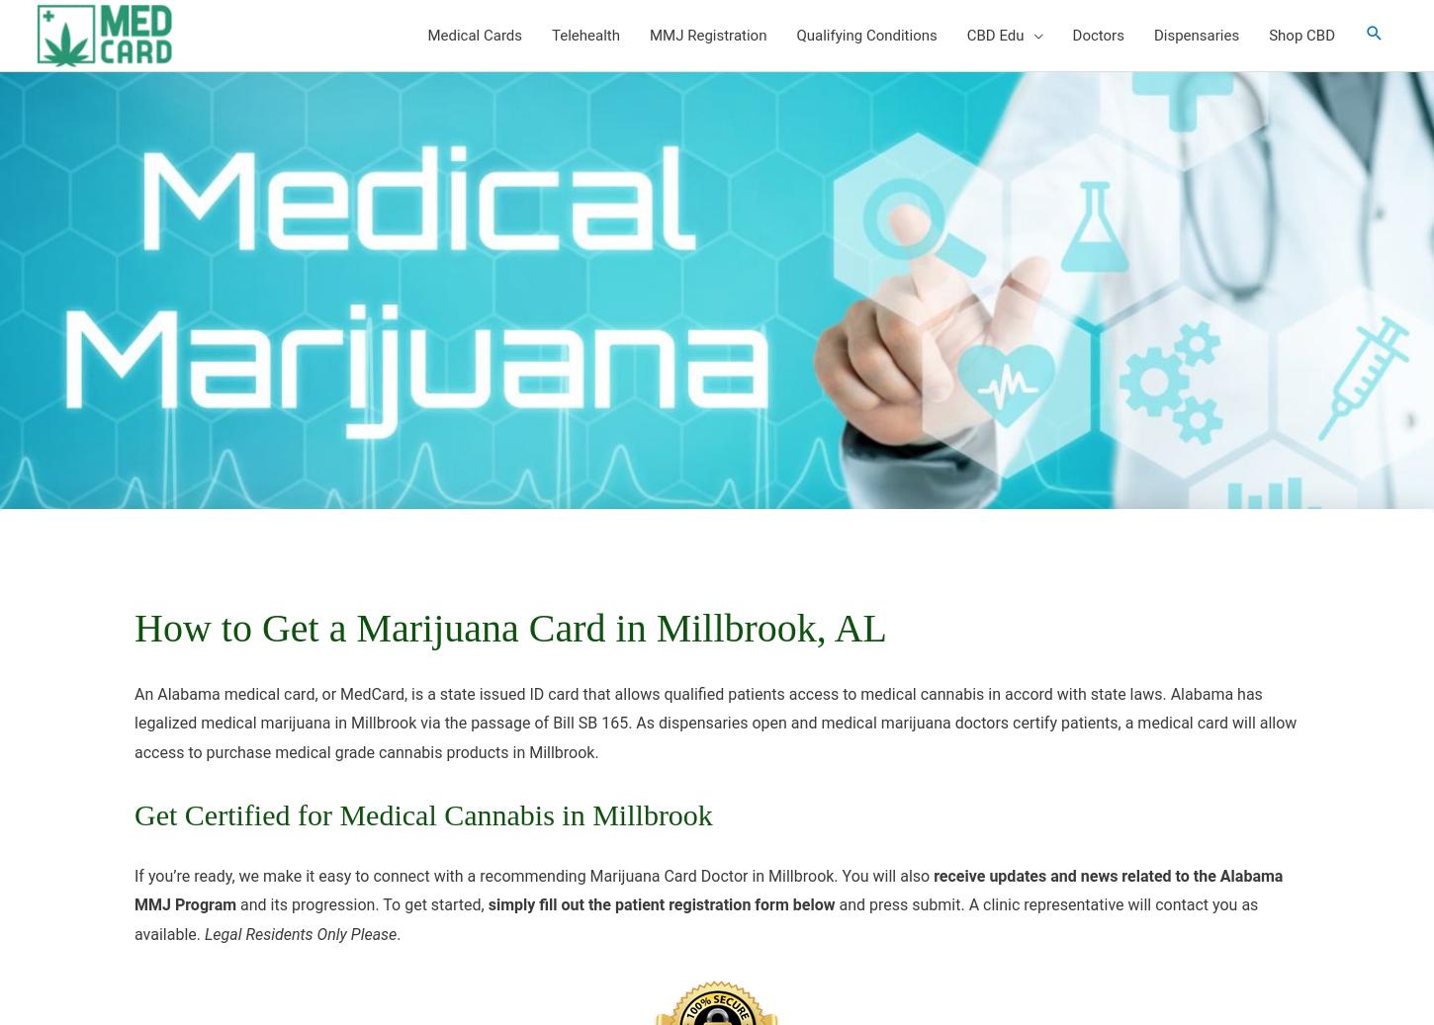 Image resolution: width=1434 pixels, height=1025 pixels. I want to click on 'and its progression. To get started,', so click(360, 904).